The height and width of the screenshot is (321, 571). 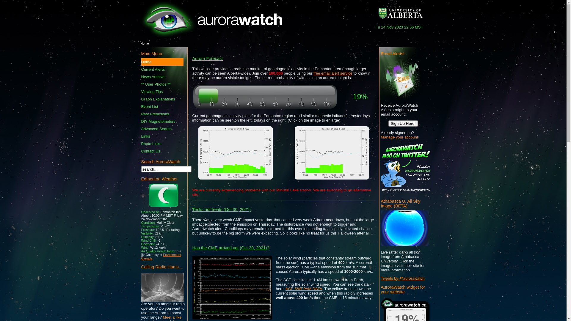 What do you see at coordinates (399, 137) in the screenshot?
I see `'Manage your account'` at bounding box center [399, 137].